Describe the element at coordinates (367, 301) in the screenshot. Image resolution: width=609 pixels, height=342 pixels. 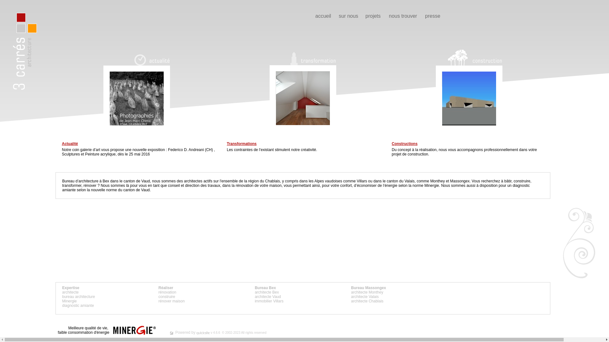
I see `'architecte Chablais'` at that location.